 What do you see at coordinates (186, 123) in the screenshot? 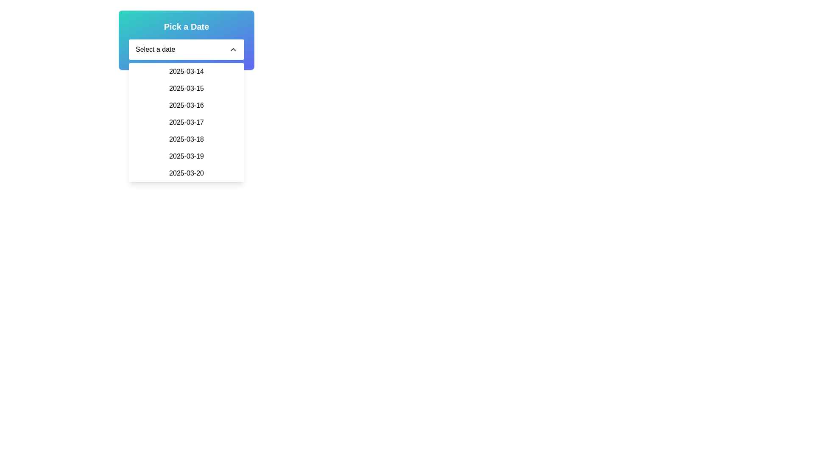
I see `the fourth date option in the dropdown menu below the 'Select a date' input box in the 'Pick a Date' interface` at bounding box center [186, 123].